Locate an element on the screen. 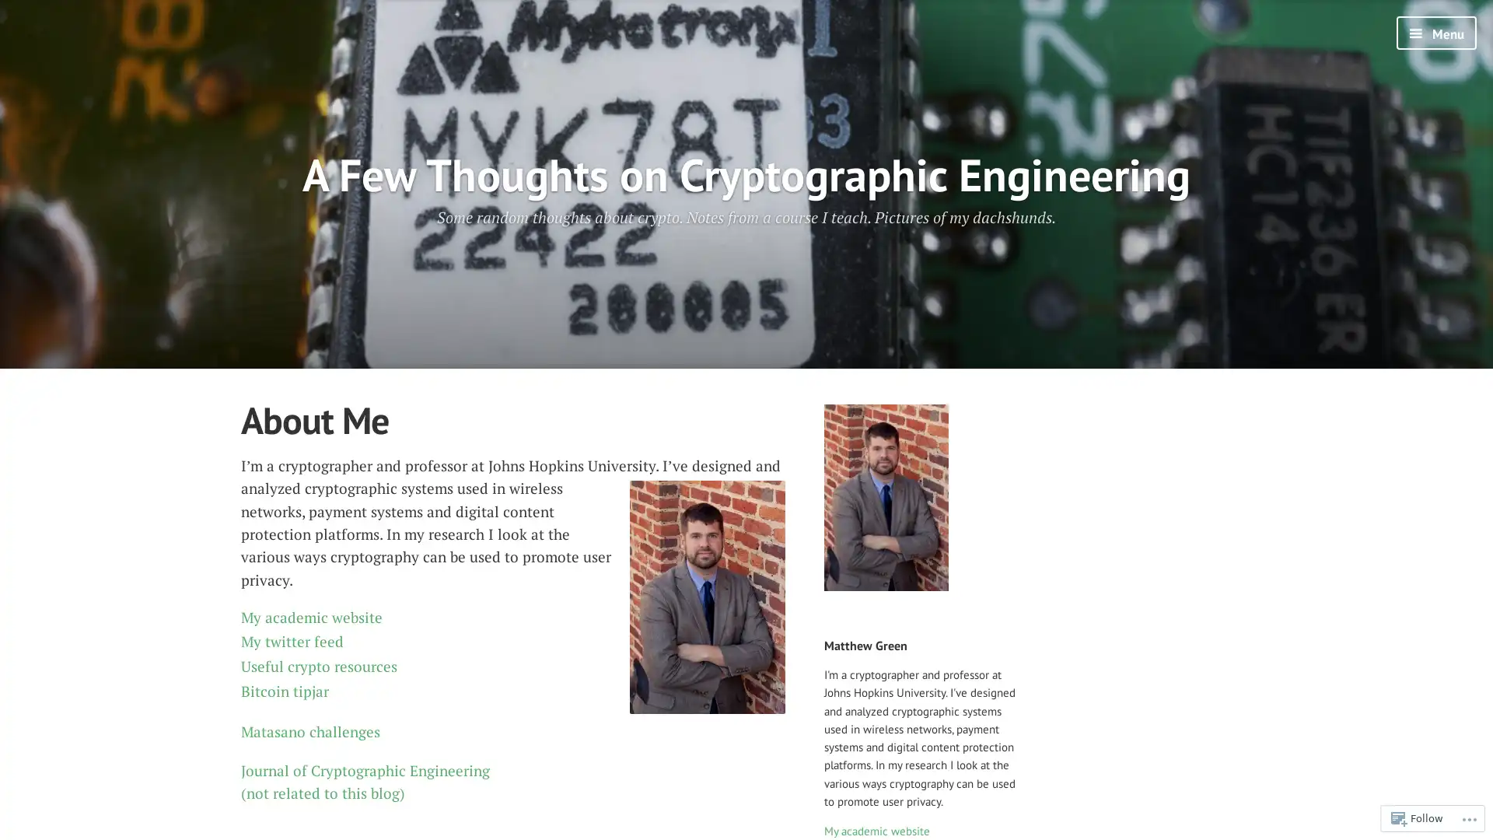 This screenshot has height=840, width=1493. Menu is located at coordinates (1435, 33).